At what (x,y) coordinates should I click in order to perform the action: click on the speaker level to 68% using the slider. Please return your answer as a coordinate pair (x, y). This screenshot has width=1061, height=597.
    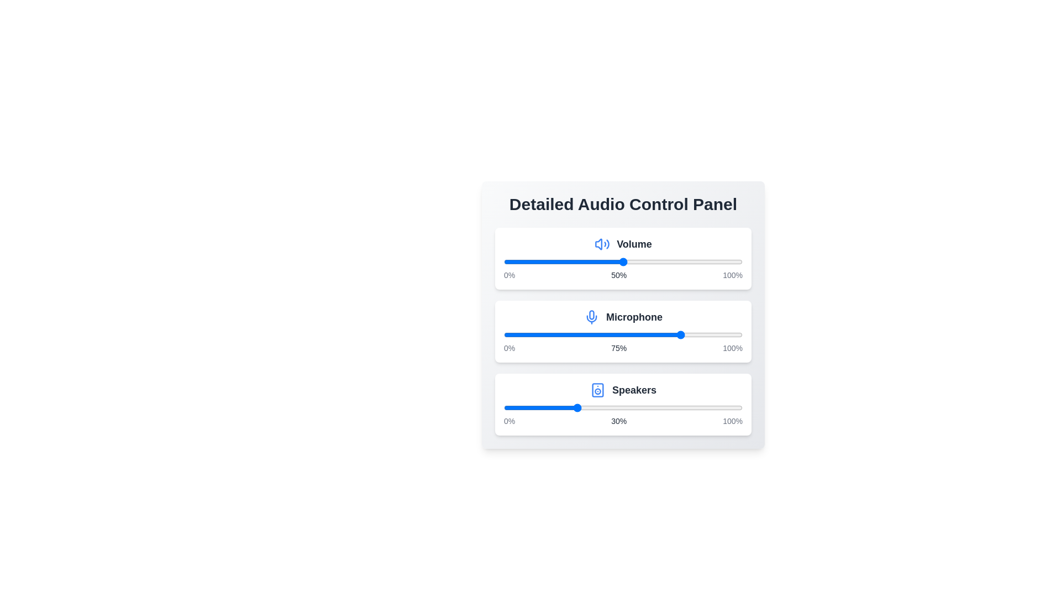
    Looking at the image, I should click on (665, 407).